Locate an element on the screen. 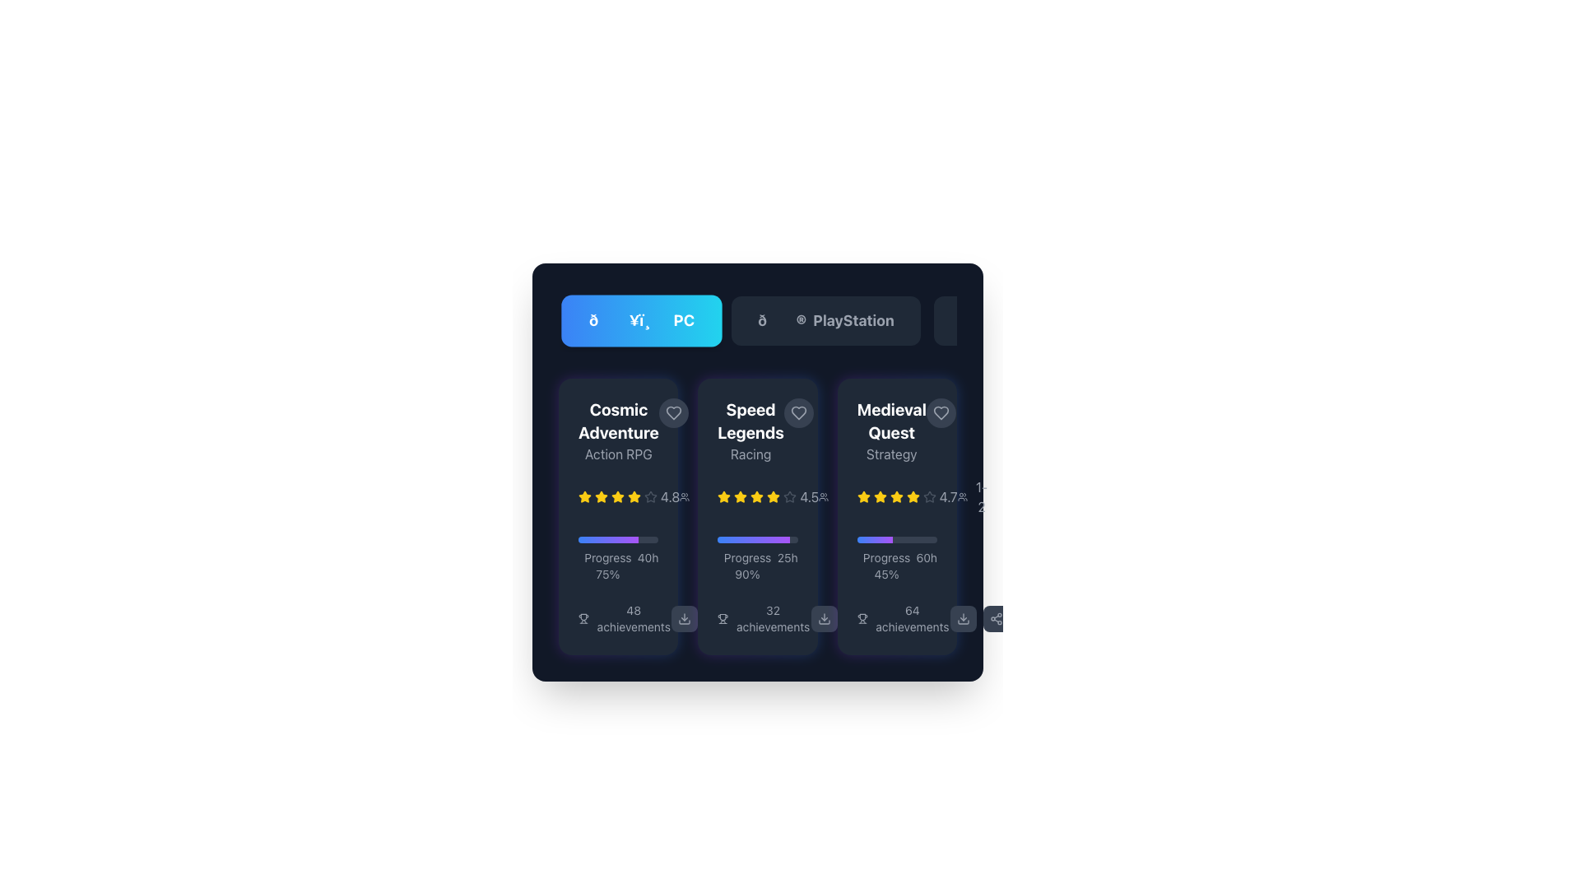 This screenshot has width=1580, height=889. the star icon indicating the rating of '4.5' in the rating section of the 'Speed Legends' game card is located at coordinates (790, 496).